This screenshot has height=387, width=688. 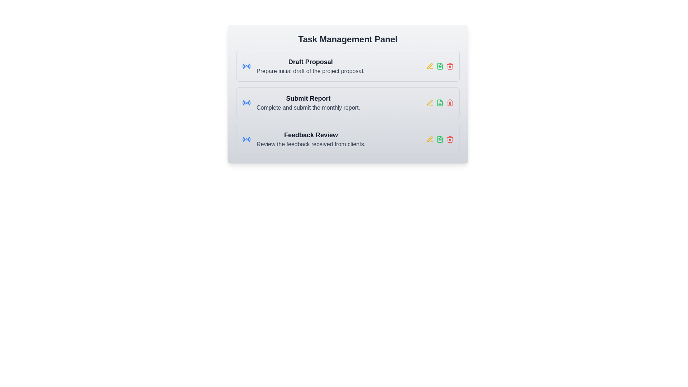 I want to click on the green-colored icon resembling a document or text file located in the 'Submit Report' row, positioned between the yellow pen icon and the red trash icon, so click(x=440, y=102).